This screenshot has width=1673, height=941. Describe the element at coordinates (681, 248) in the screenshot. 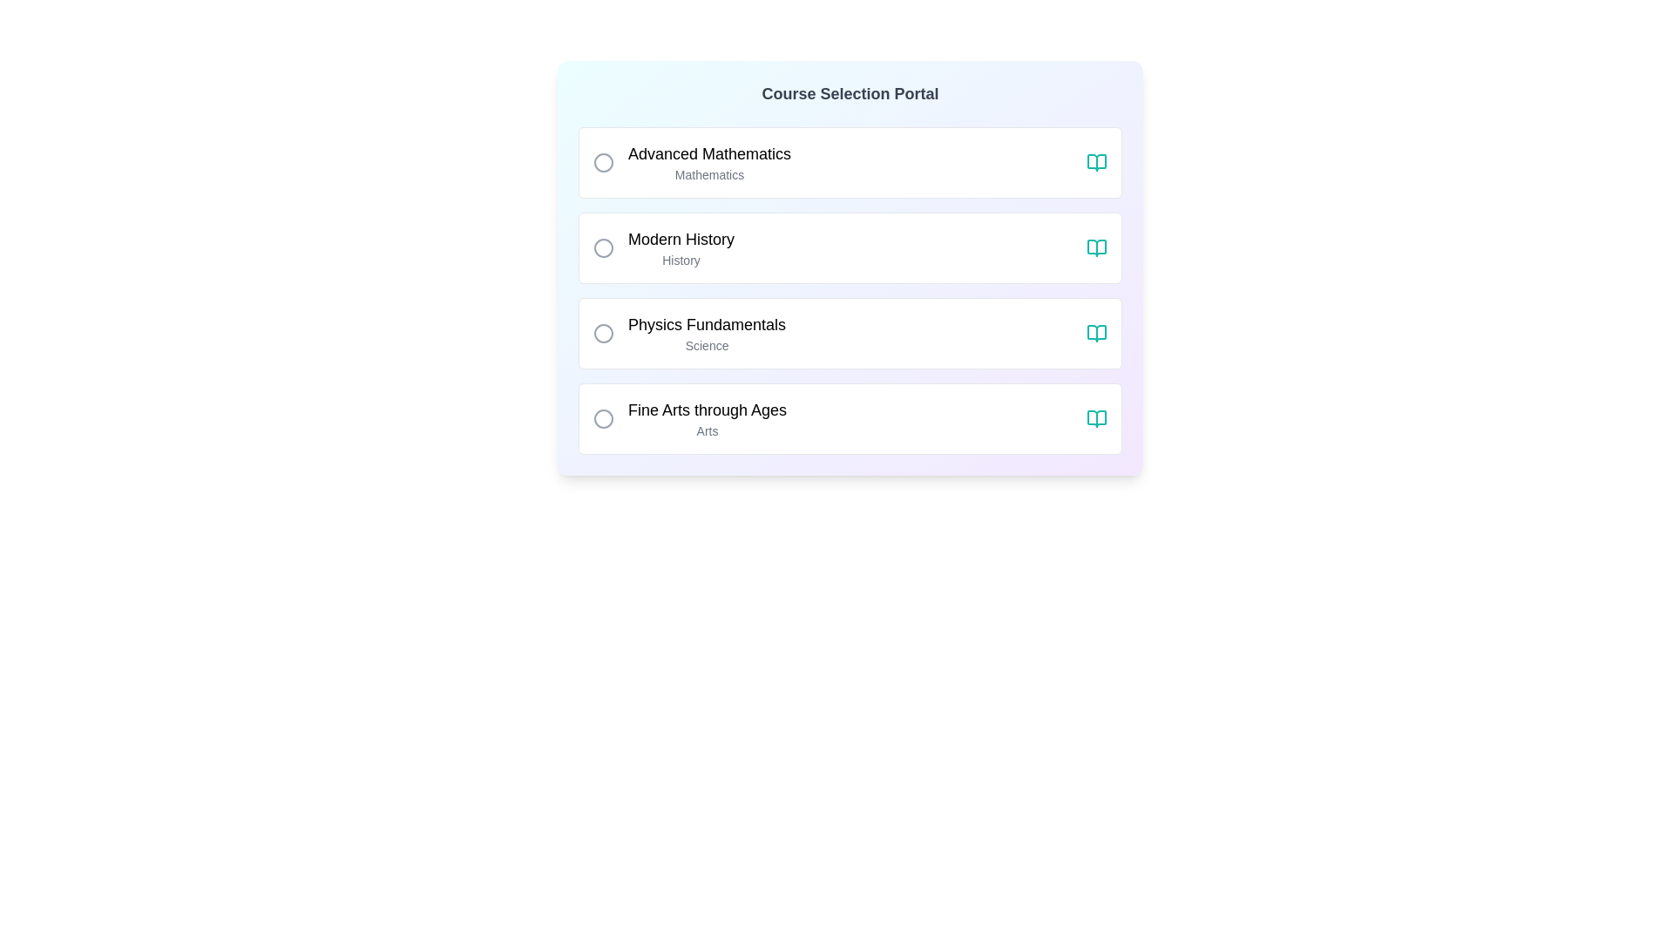

I see `multi-line text label that contains 'Modern History' in bold black font and 'History' in smaller gray font, located centrally above a descriptive icon and next to a selectable circular radio button` at that location.